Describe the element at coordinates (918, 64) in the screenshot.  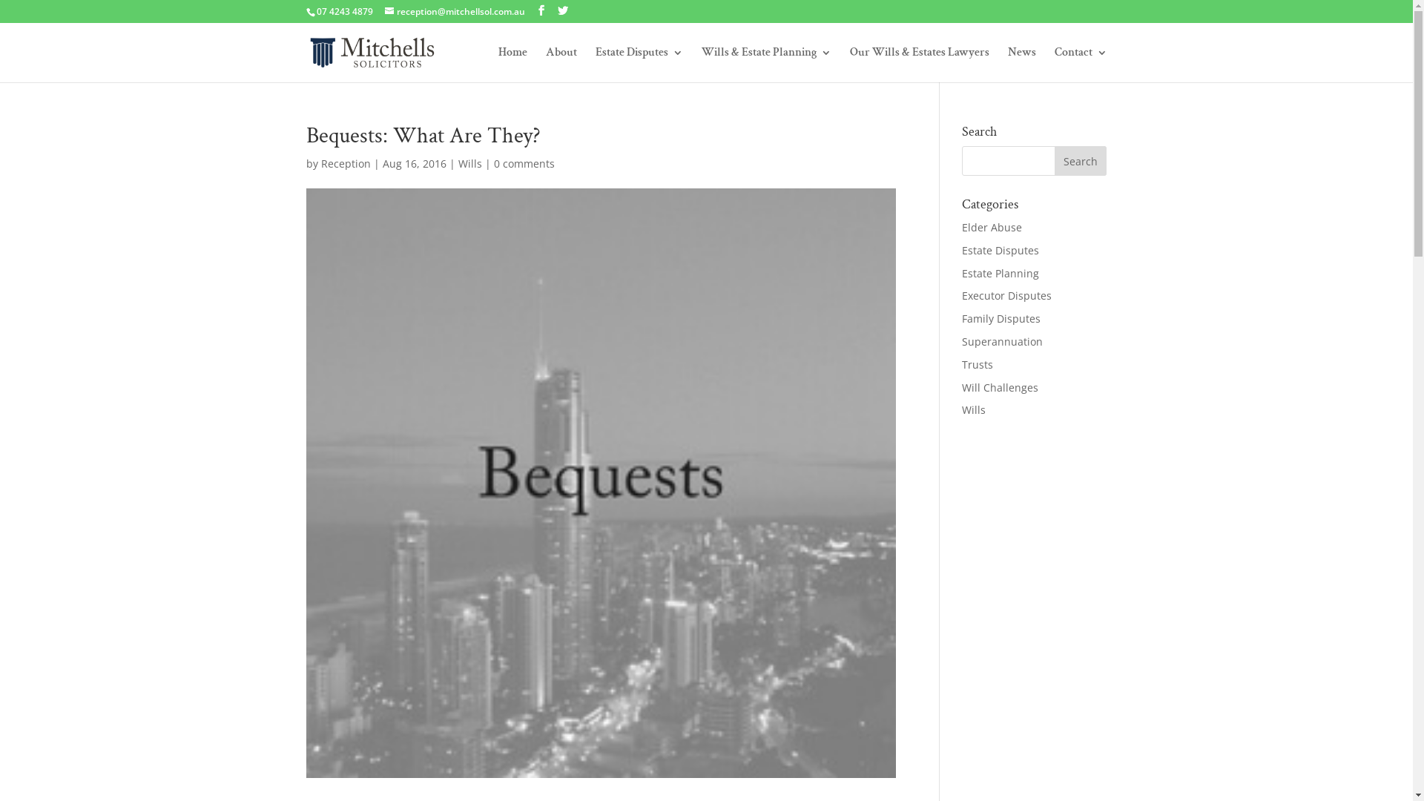
I see `'Our Wills & Estates Lawyers'` at that location.